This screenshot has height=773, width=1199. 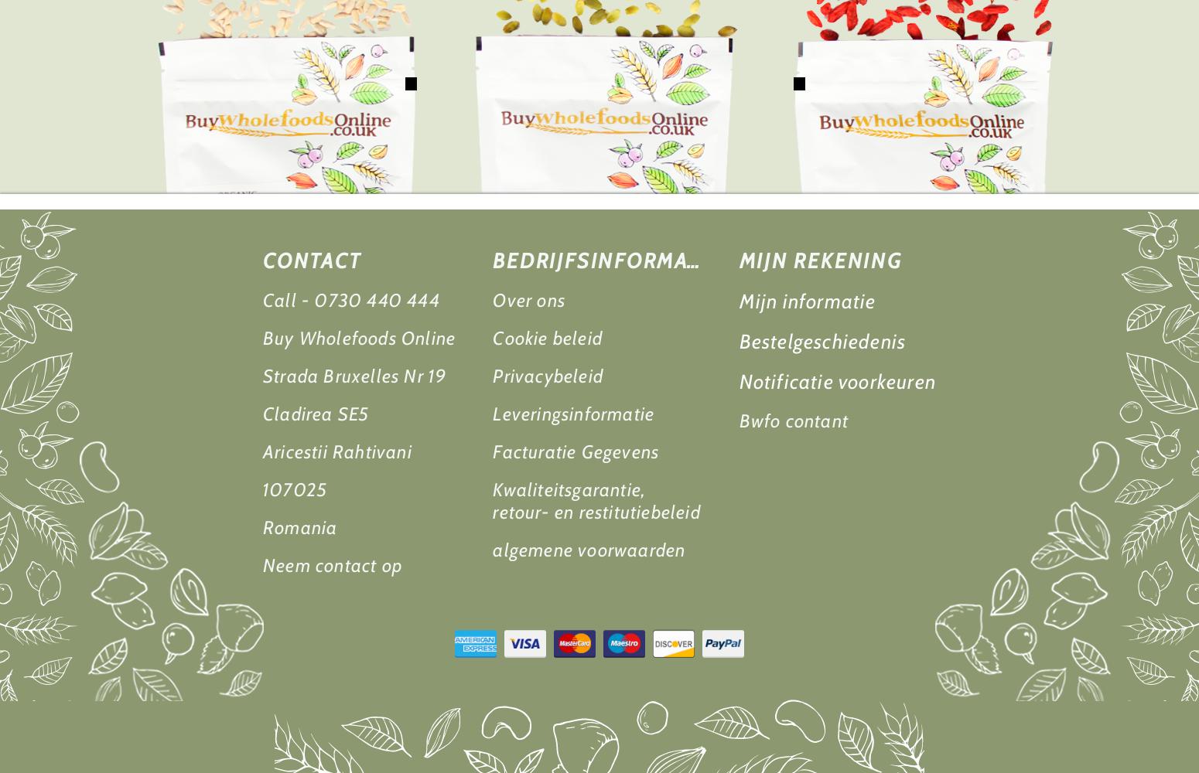 What do you see at coordinates (605, 260) in the screenshot?
I see `'Bedrijfsinformatie'` at bounding box center [605, 260].